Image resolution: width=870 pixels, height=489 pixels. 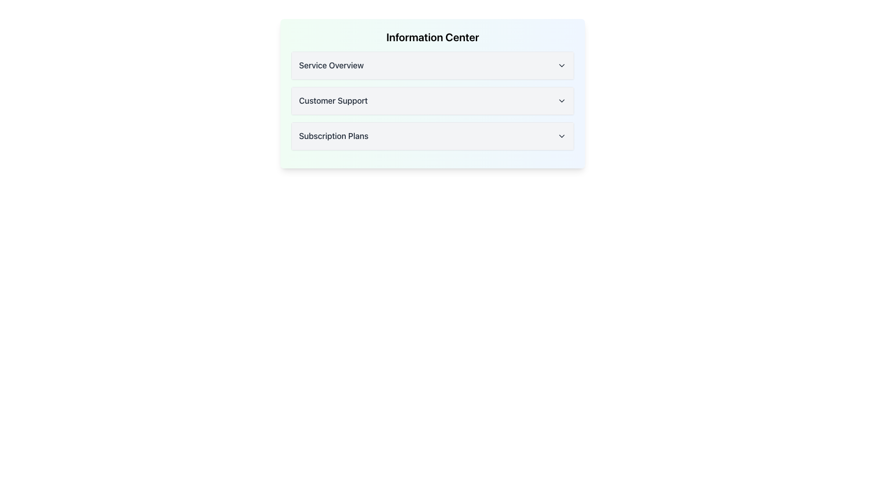 What do you see at coordinates (561, 136) in the screenshot?
I see `the chevron icon located on the far right of the 'Subscription Plans' item in the third row` at bounding box center [561, 136].